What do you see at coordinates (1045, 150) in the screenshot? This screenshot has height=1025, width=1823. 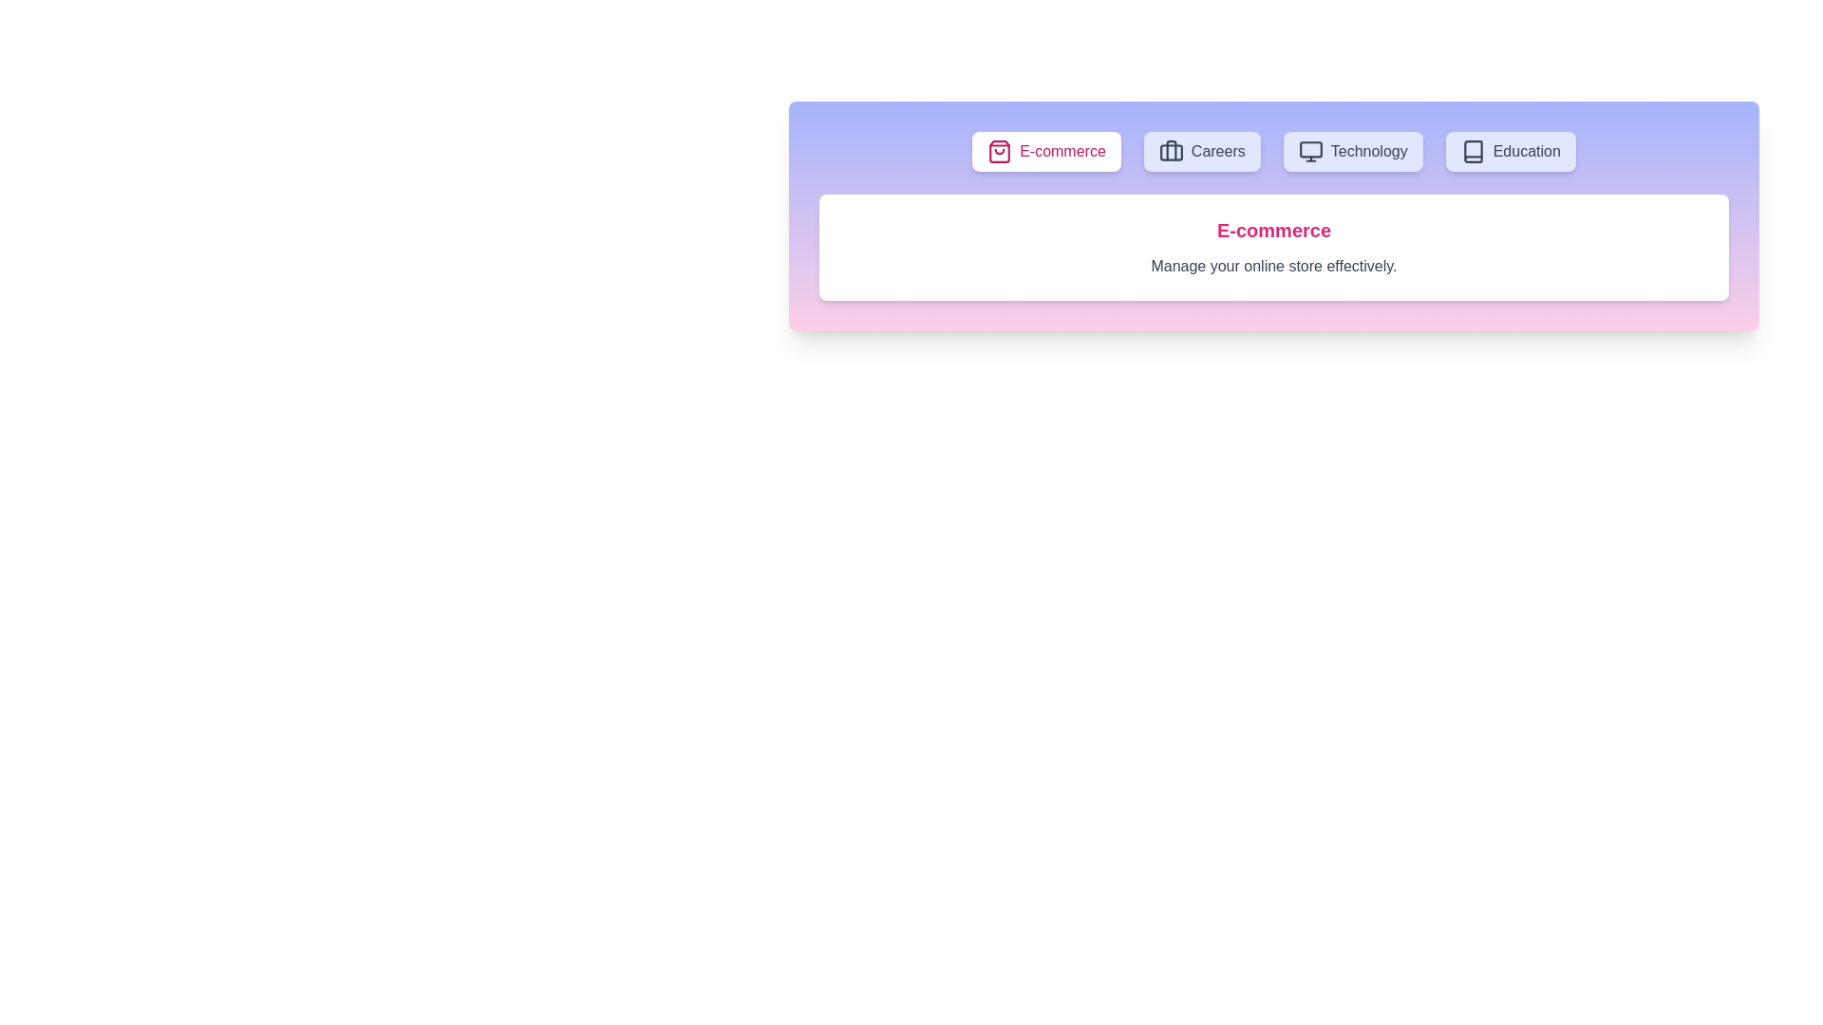 I see `the E-commerce tab` at bounding box center [1045, 150].